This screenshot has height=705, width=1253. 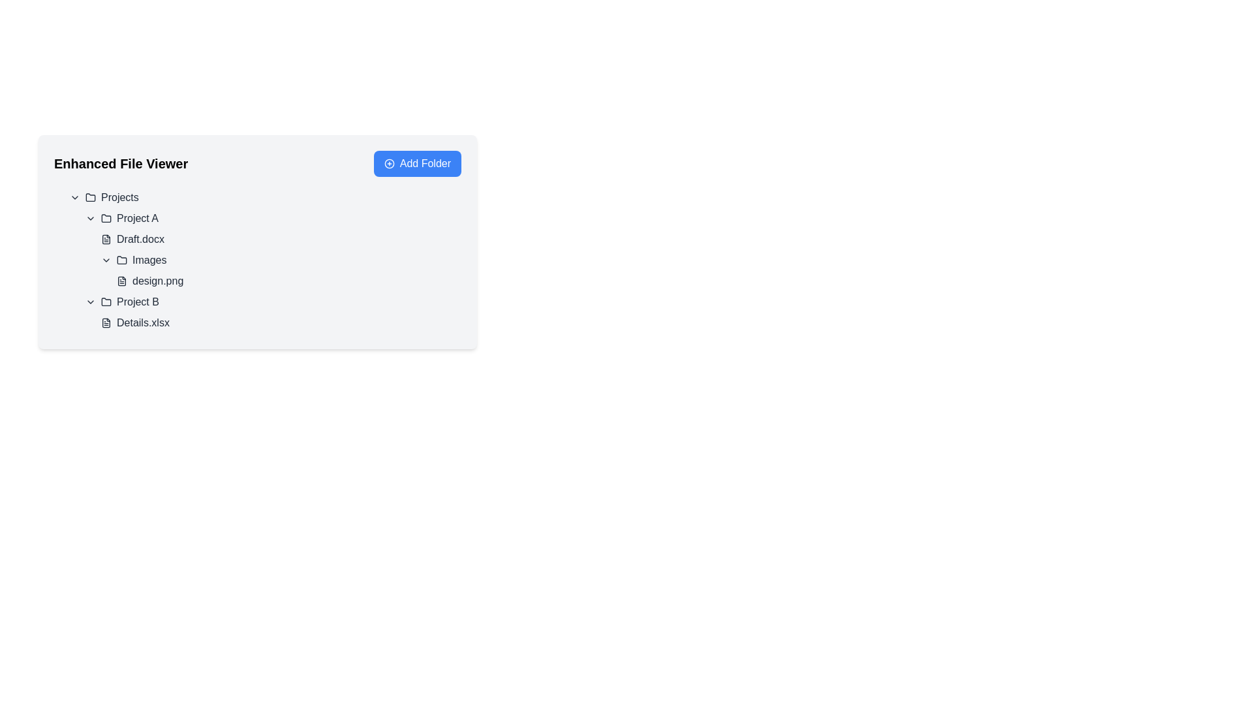 What do you see at coordinates (122, 259) in the screenshot?
I see `the 'Images' folder icon located under the 'Project A' node in the file viewer` at bounding box center [122, 259].